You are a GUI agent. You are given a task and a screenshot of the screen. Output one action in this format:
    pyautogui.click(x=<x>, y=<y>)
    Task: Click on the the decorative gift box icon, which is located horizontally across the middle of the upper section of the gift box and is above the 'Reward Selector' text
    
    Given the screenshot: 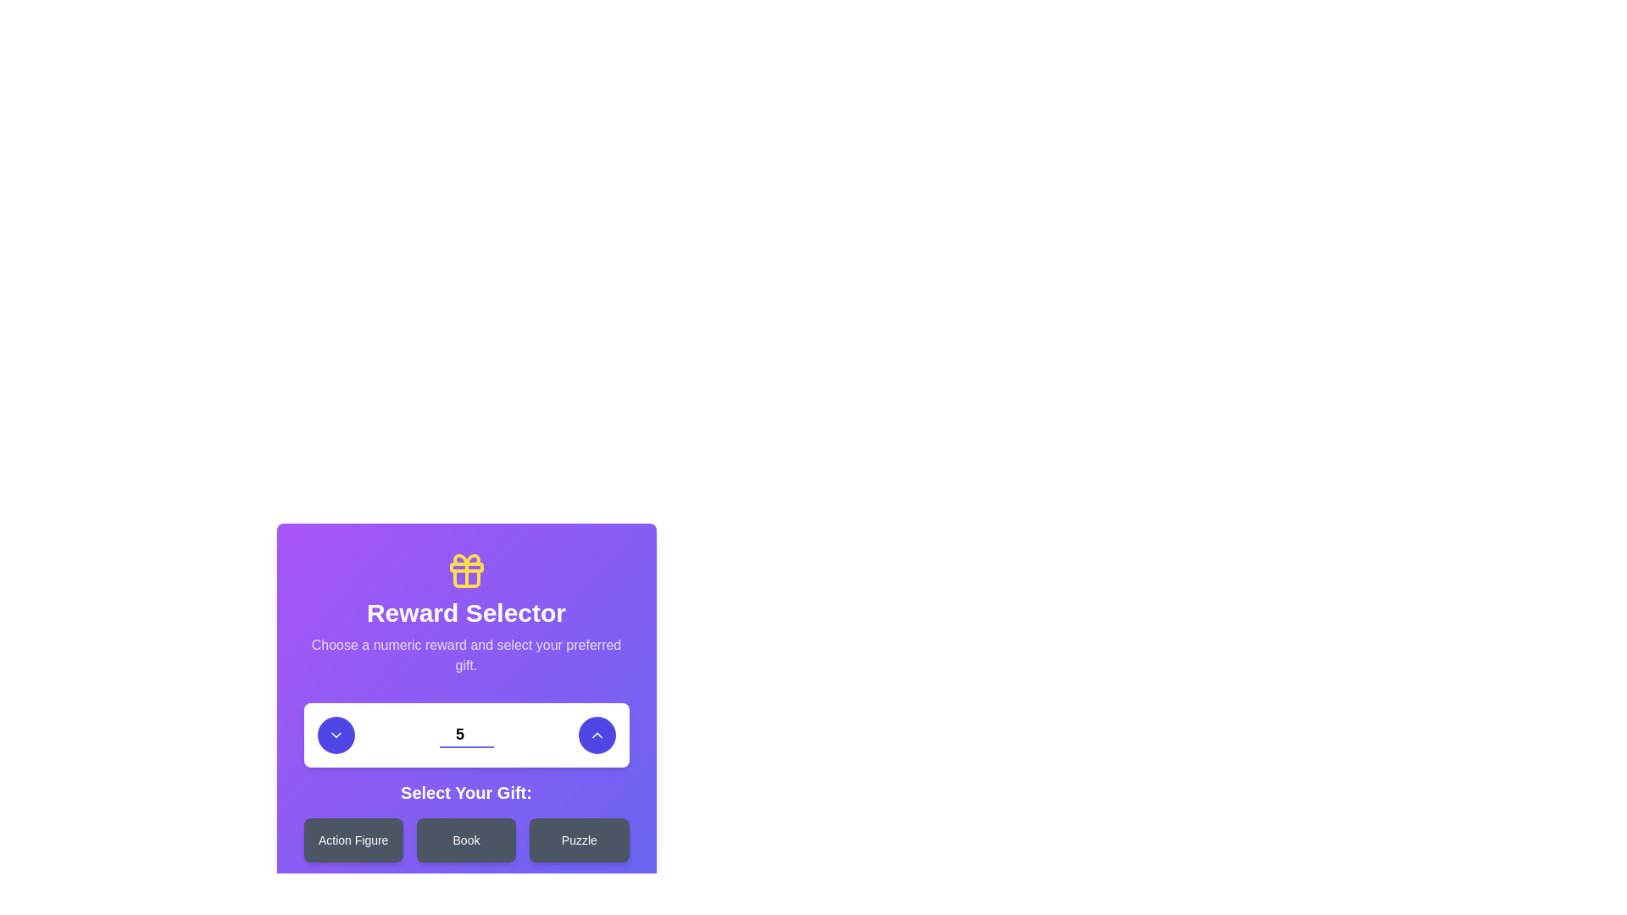 What is the action you would take?
    pyautogui.click(x=466, y=568)
    